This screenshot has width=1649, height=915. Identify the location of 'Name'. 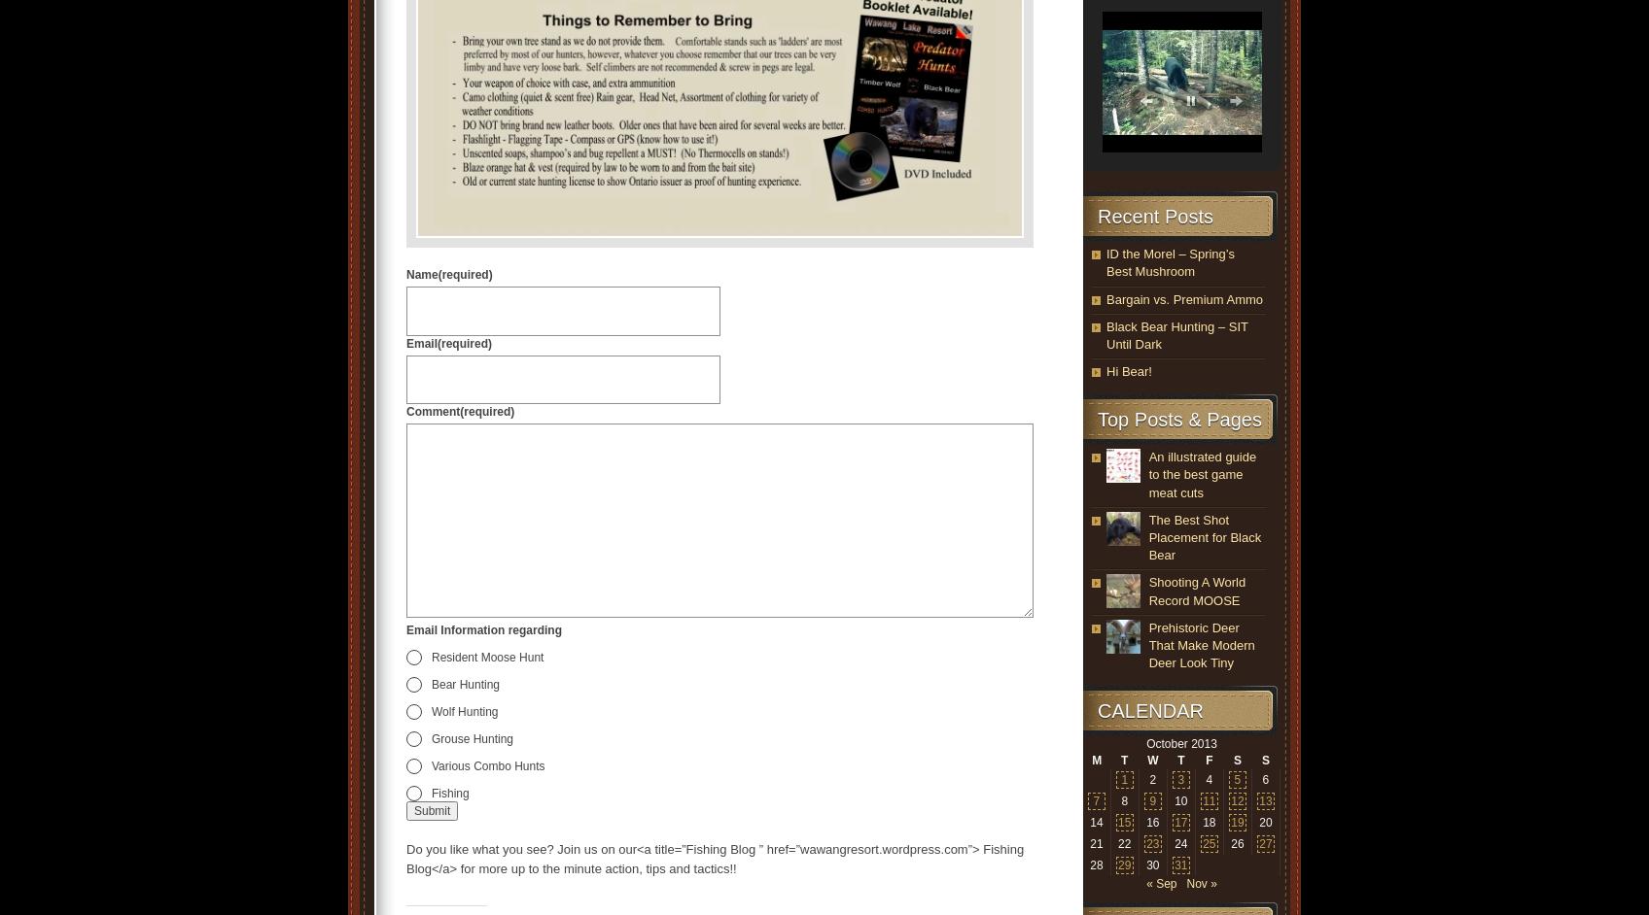
(405, 273).